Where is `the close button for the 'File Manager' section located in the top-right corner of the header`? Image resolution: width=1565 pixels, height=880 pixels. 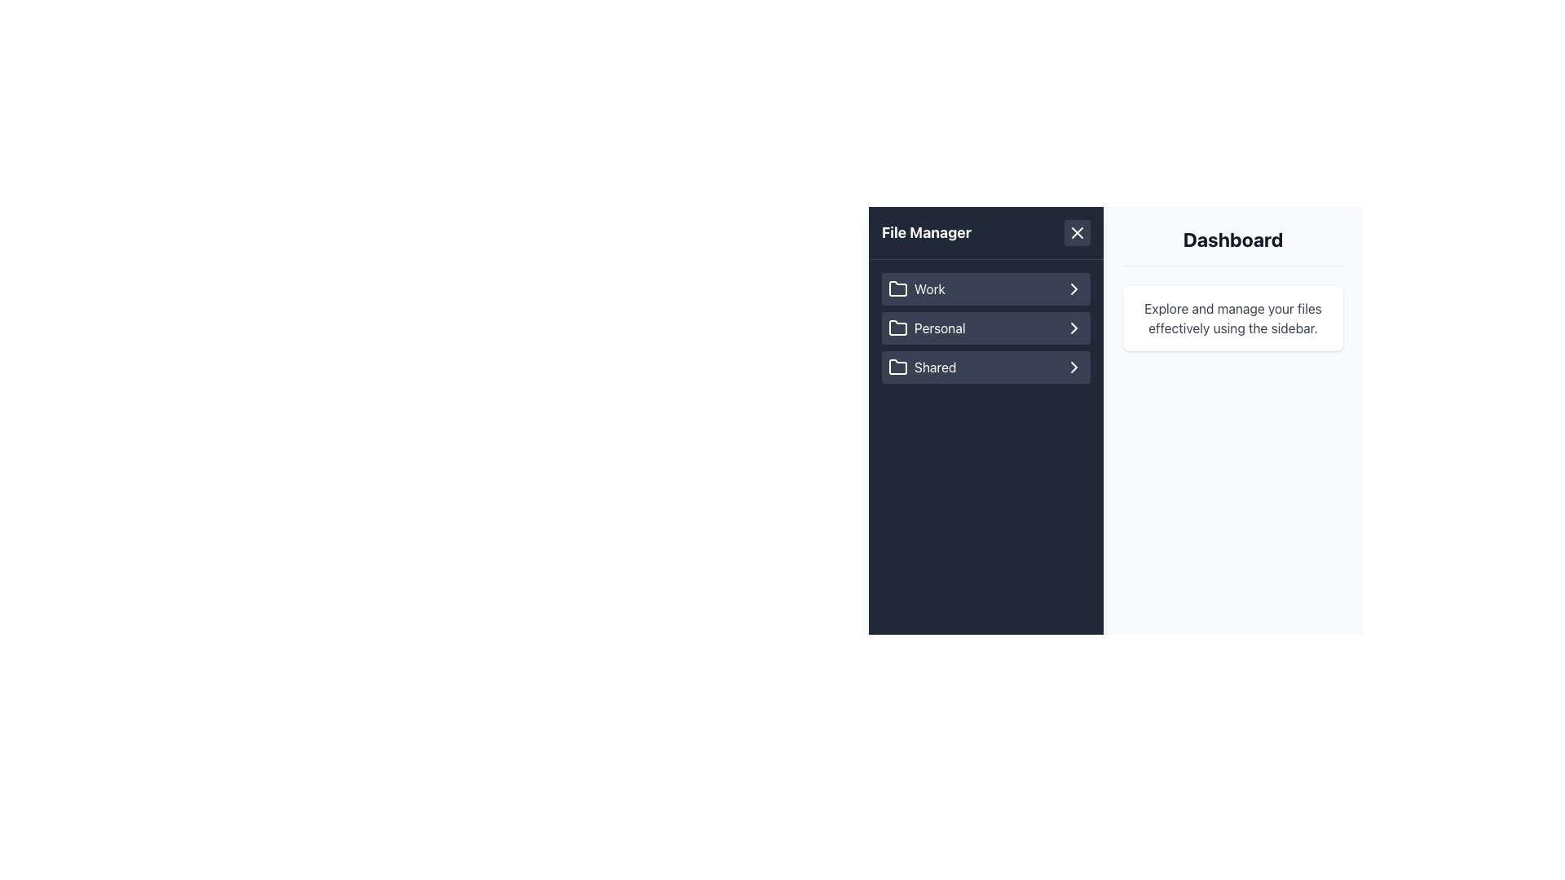 the close button for the 'File Manager' section located in the top-right corner of the header is located at coordinates (1077, 232).